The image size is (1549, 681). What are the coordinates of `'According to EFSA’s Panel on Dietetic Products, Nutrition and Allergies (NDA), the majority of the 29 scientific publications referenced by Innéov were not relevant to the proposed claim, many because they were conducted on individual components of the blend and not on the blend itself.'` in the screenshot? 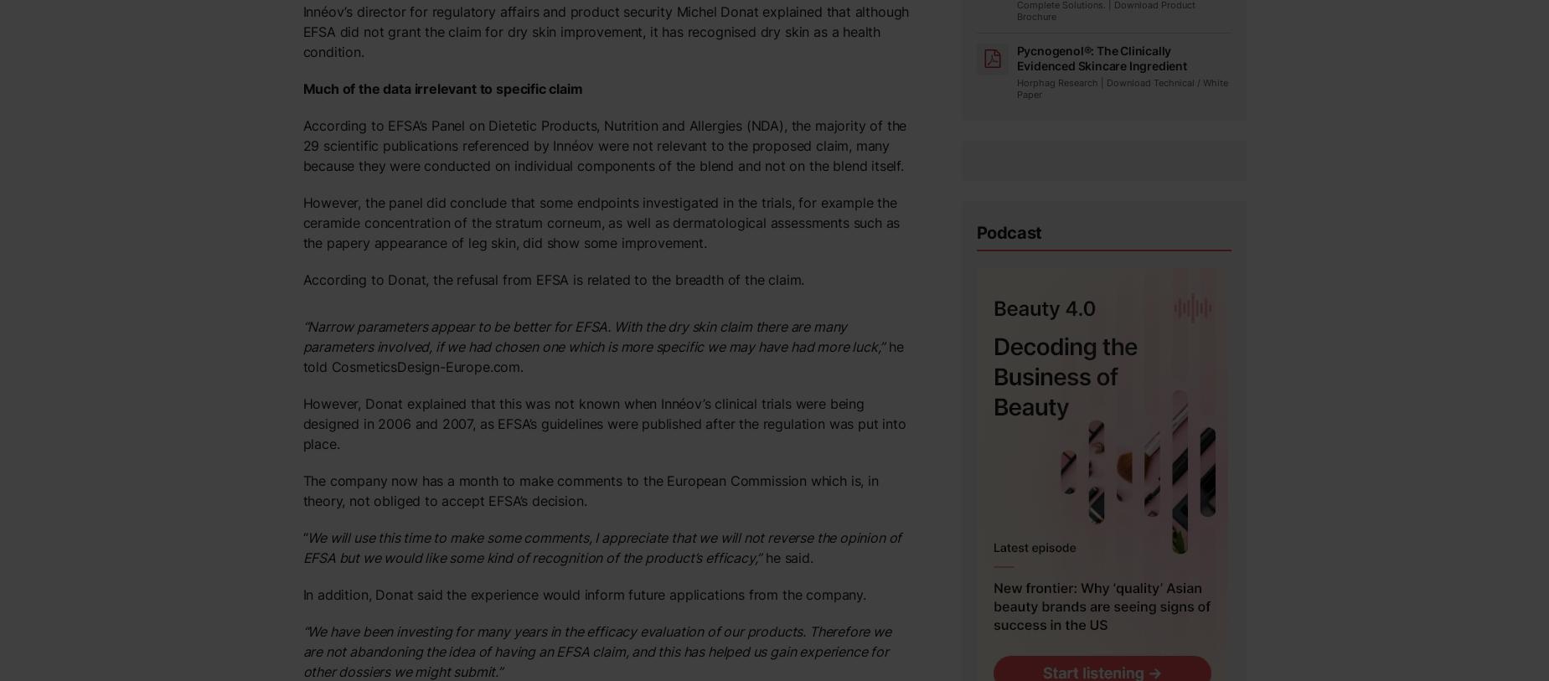 It's located at (603, 144).